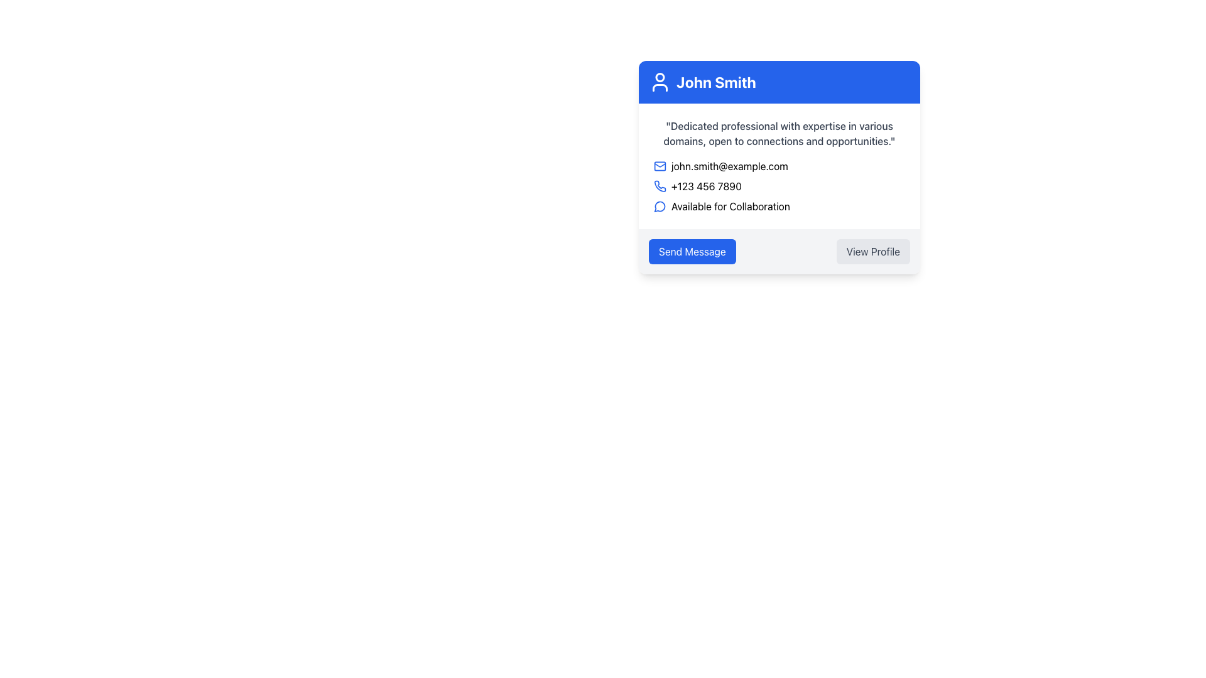 Image resolution: width=1206 pixels, height=678 pixels. Describe the element at coordinates (660, 205) in the screenshot. I see `the collaboration icon located to the left of the 'Available for Collaboration' text, positioned in the lower-right portion of its card component` at that location.